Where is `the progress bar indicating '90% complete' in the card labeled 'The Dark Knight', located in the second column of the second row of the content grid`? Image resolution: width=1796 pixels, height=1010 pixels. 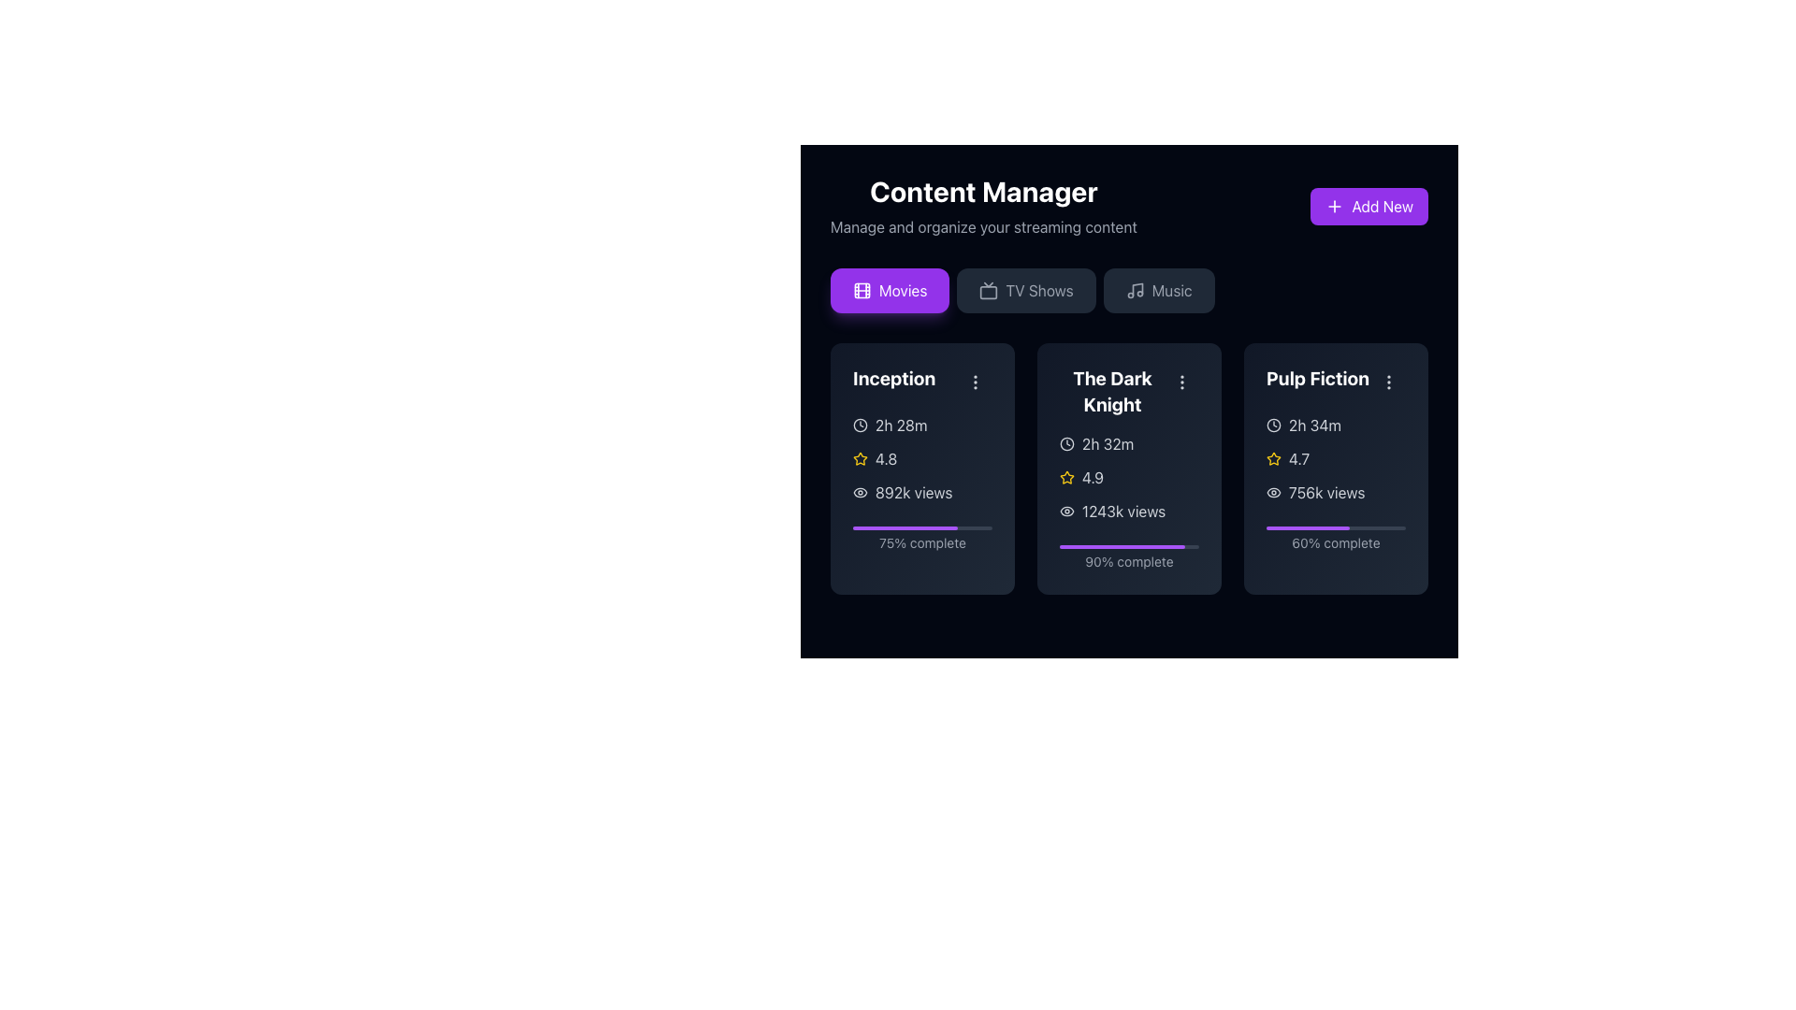
the progress bar indicating '90% complete' in the card labeled 'The Dark Knight', located in the second column of the second row of the content grid is located at coordinates (1128, 547).